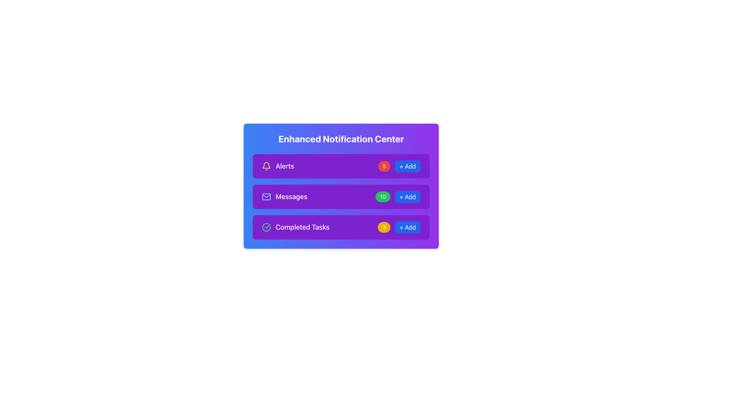  I want to click on the messages icon, which is the leftmost element in a horizontal arrangement with the textual label 'Messages' beside it, centrally aligned within the second row of the content box, so click(266, 196).